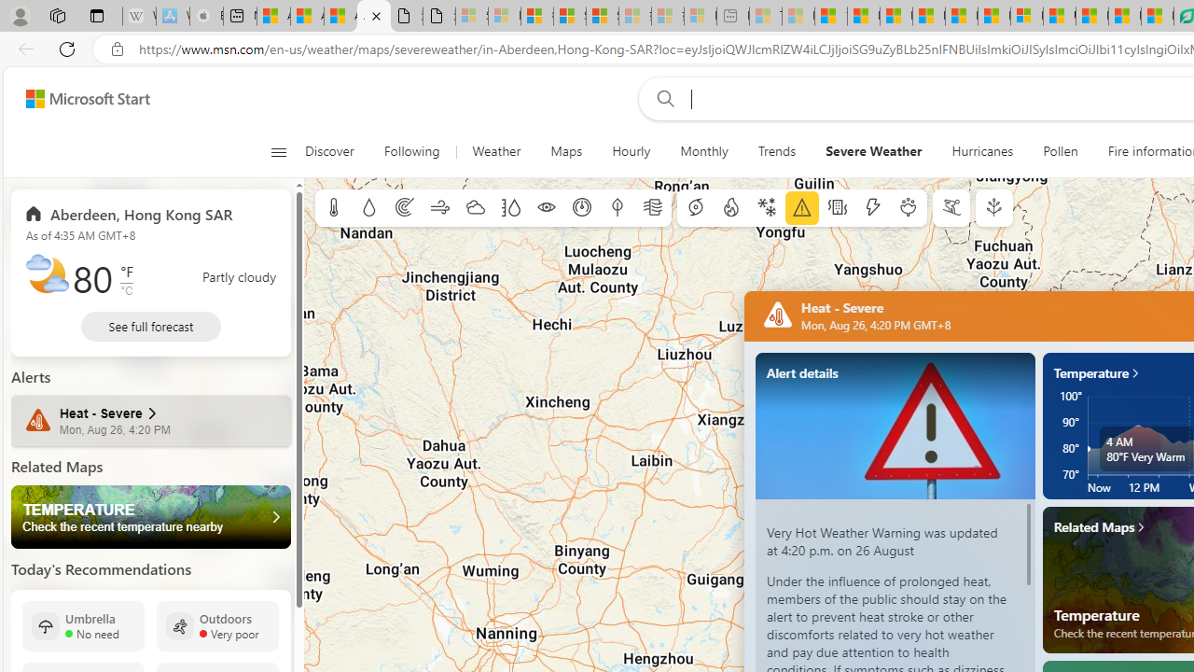 This screenshot has width=1194, height=672. Describe the element at coordinates (993, 16) in the screenshot. I see `'Foo BAR | Trusted Community Engagement and Contributions'` at that location.